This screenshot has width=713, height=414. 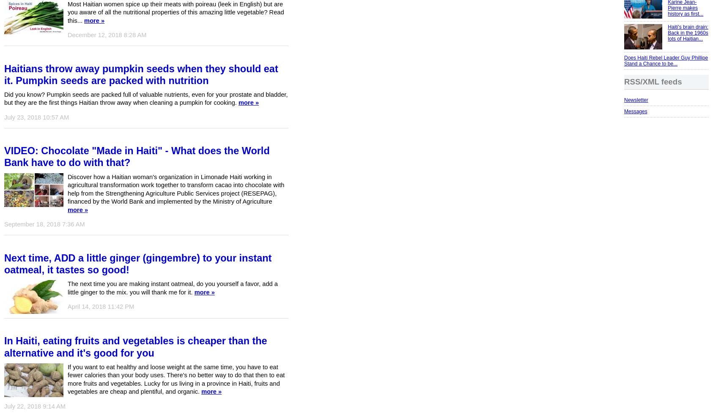 I want to click on 'April 14, 2018 11:42 PM', so click(x=68, y=306).